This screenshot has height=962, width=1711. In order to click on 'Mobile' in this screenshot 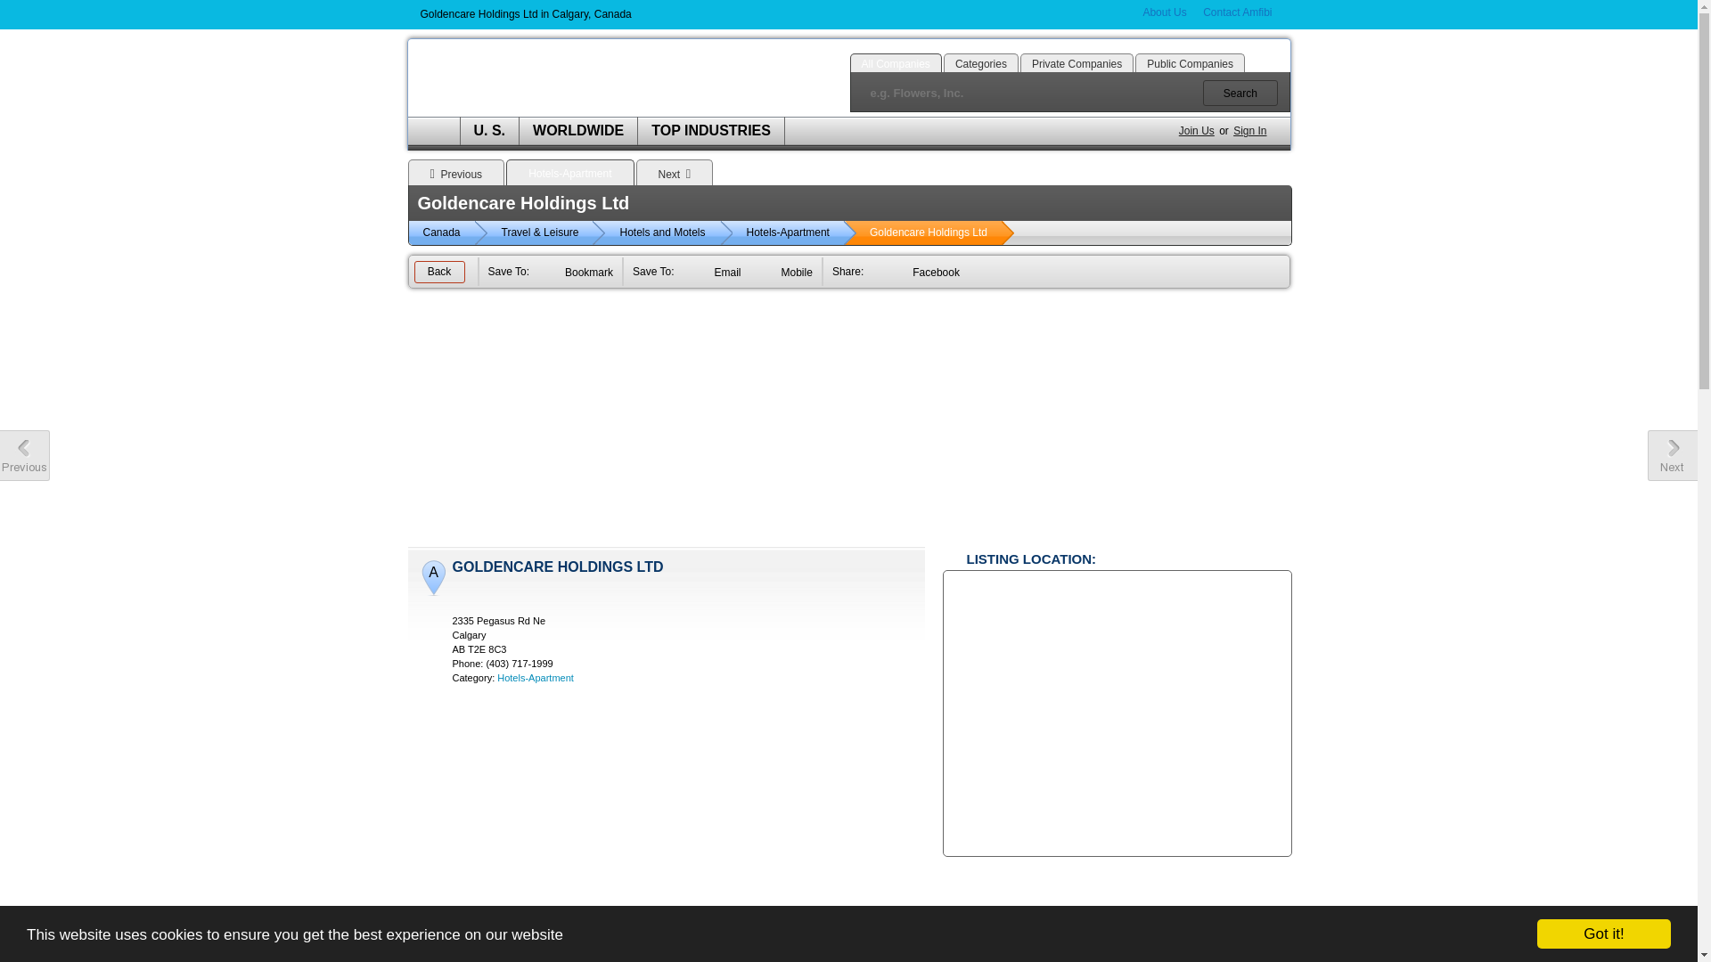, I will do `click(783, 273)`.